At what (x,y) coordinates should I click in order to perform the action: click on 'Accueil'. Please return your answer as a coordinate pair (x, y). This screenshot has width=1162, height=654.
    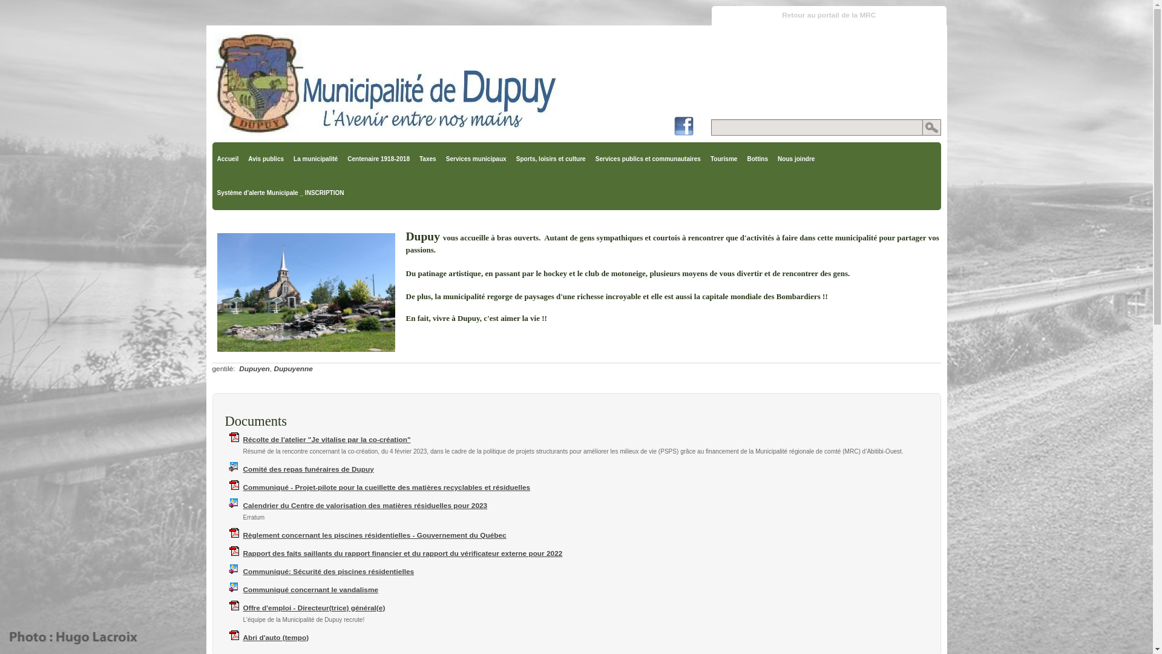
    Looking at the image, I should click on (227, 158).